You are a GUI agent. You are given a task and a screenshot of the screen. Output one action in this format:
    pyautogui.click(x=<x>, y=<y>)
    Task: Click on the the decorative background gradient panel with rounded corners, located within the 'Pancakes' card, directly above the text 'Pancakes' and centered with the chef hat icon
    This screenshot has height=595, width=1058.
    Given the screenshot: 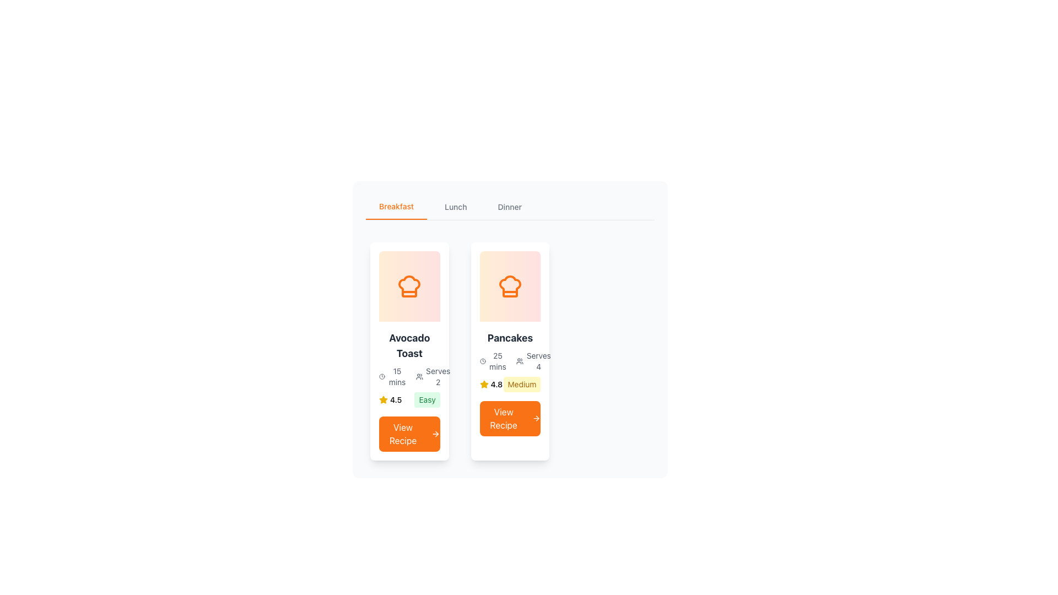 What is the action you would take?
    pyautogui.click(x=510, y=286)
    